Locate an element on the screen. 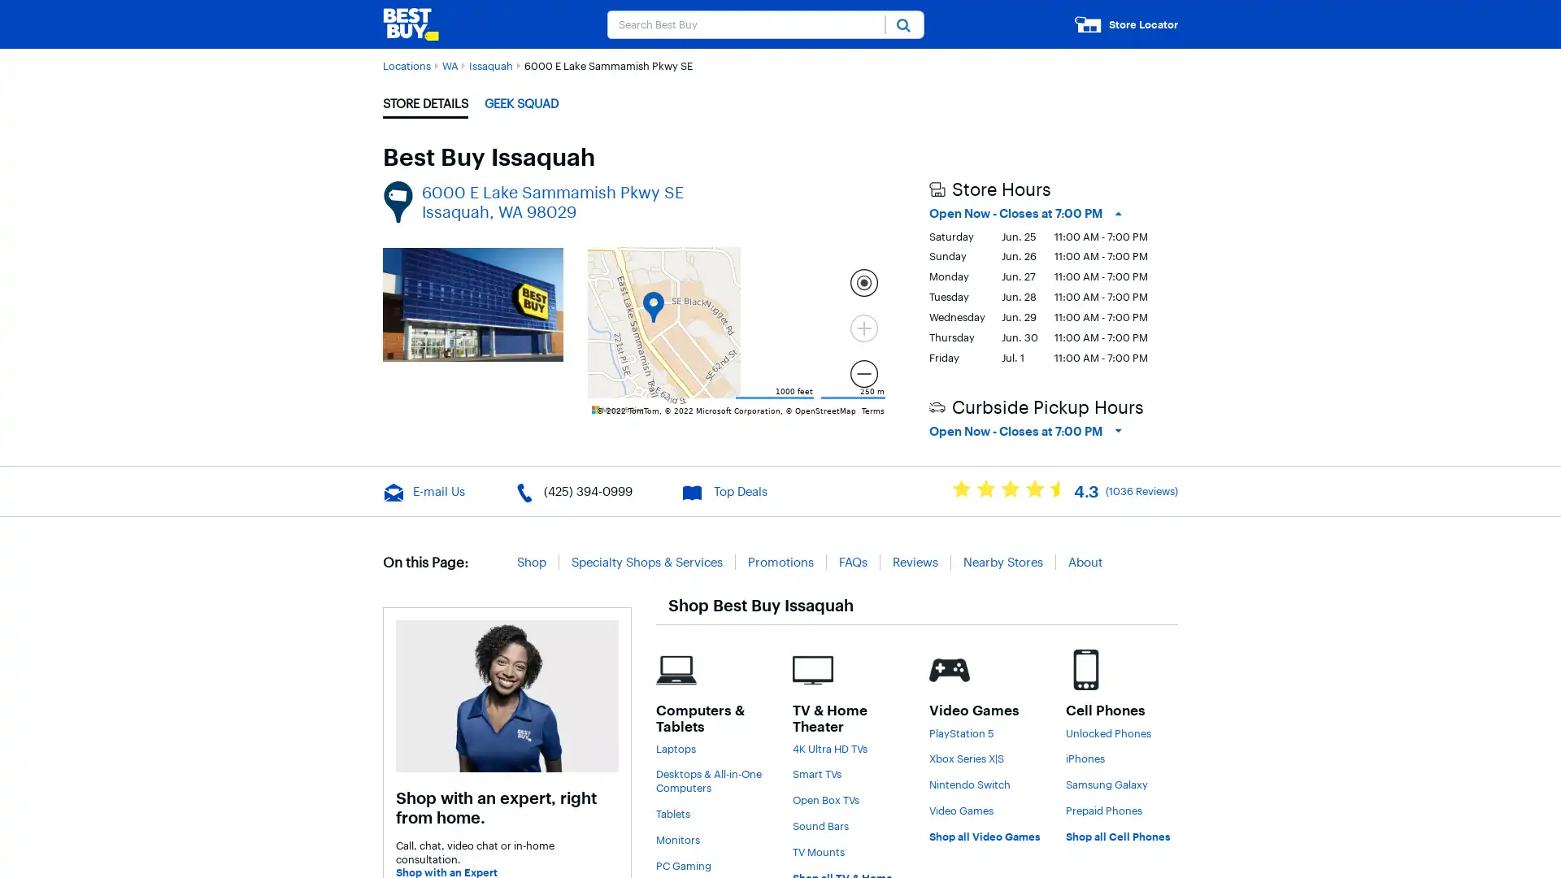 This screenshot has height=878, width=1561. Open Now - Closes at 7:00 PM is located at coordinates (1024, 431).